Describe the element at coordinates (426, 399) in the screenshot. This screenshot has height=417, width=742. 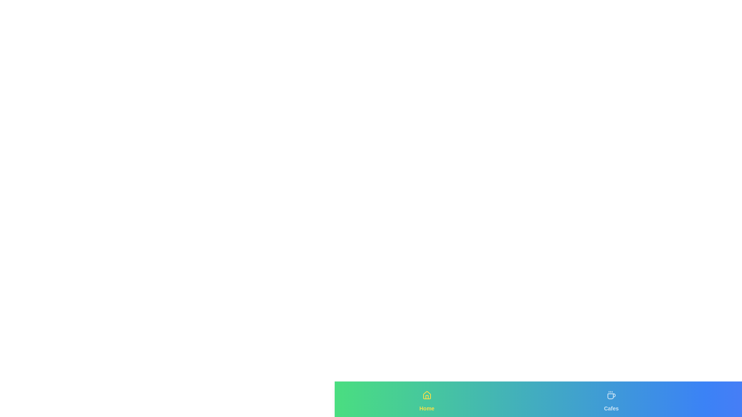
I see `the 'Home' tab in the navigation bar` at that location.